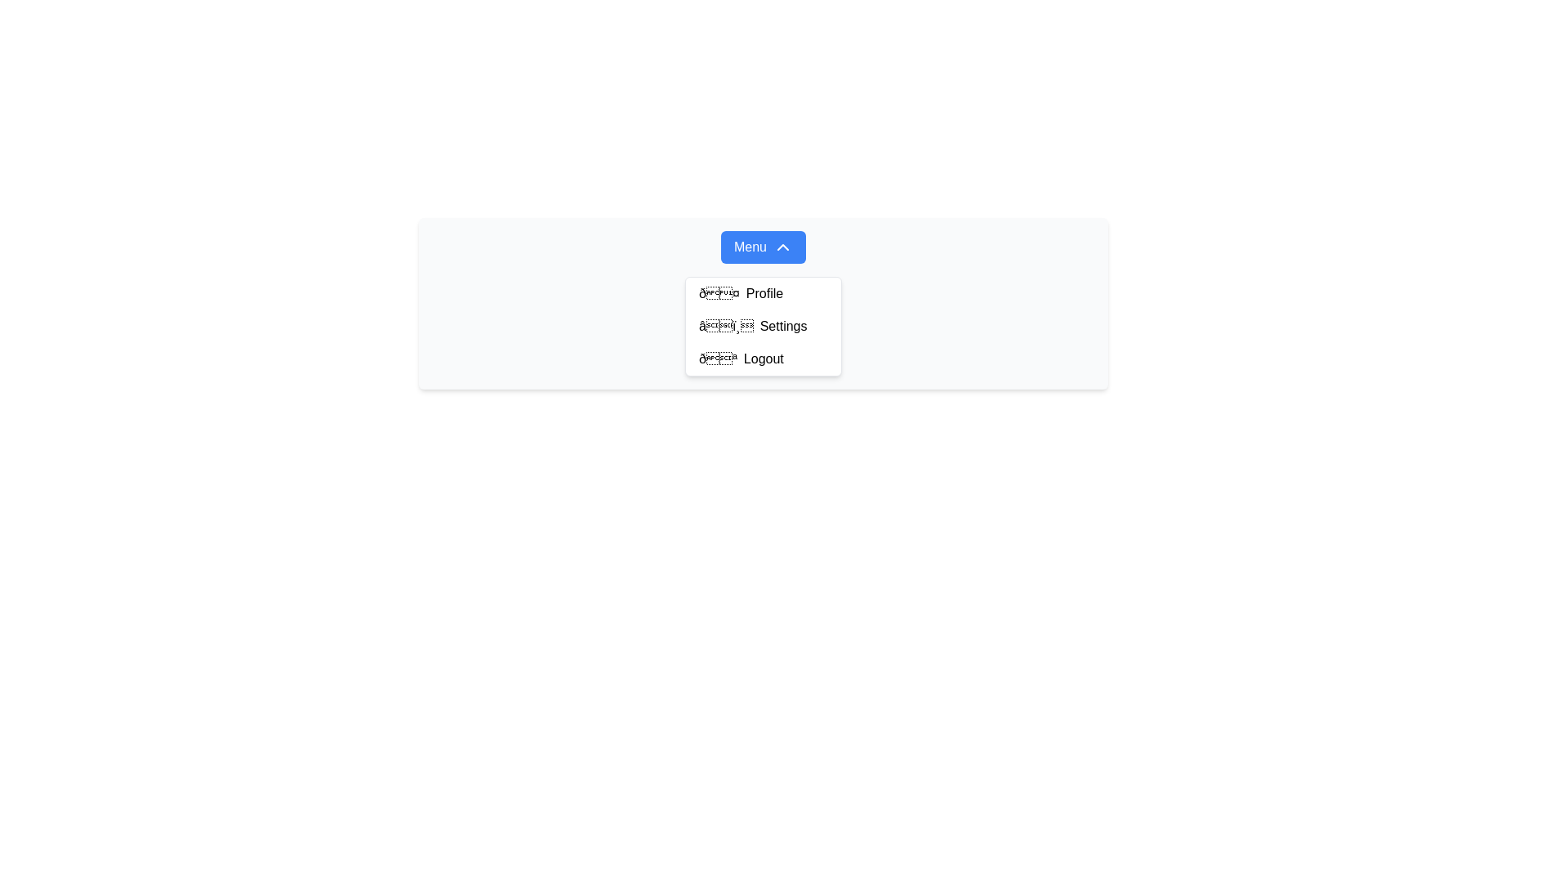 The image size is (1568, 882). What do you see at coordinates (763, 247) in the screenshot?
I see `the 'Menu' button with a blue background and white text` at bounding box center [763, 247].